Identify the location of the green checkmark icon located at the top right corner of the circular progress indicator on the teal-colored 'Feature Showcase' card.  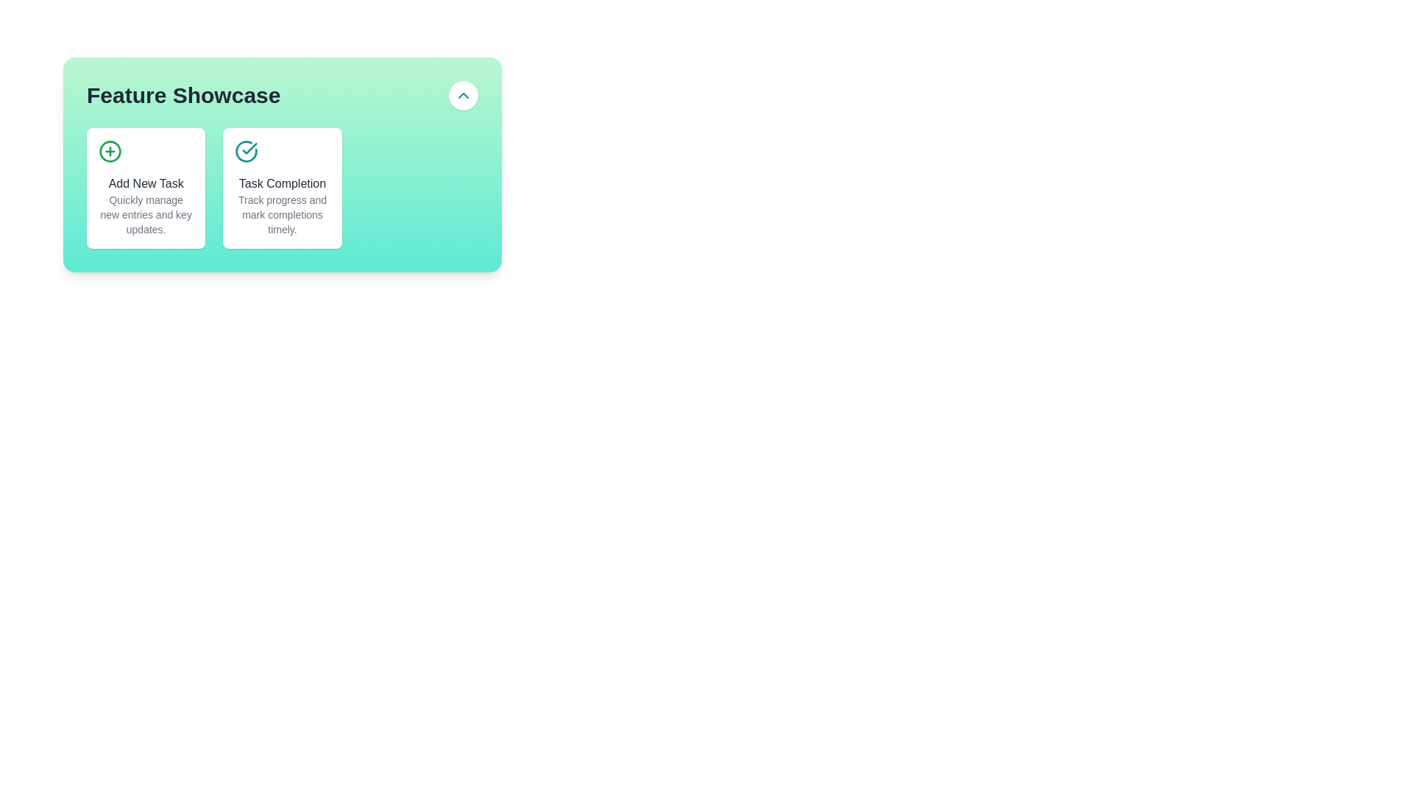
(250, 148).